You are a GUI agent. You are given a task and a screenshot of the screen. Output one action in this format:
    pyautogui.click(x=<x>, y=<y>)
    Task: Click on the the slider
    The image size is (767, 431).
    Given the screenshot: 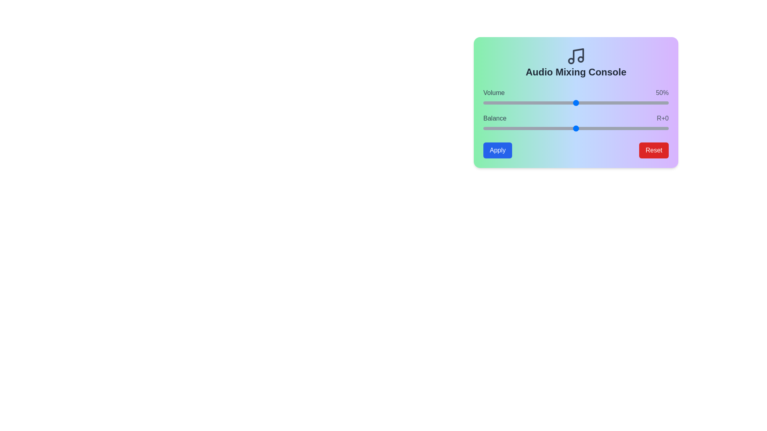 What is the action you would take?
    pyautogui.click(x=585, y=103)
    